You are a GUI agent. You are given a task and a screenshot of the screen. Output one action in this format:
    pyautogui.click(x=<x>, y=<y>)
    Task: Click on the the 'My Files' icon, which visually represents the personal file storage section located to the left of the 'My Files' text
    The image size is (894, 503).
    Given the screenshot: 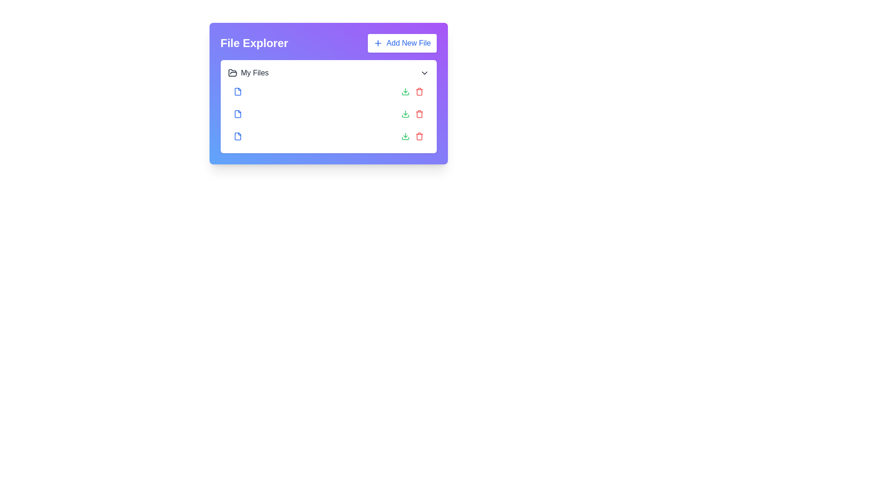 What is the action you would take?
    pyautogui.click(x=232, y=73)
    